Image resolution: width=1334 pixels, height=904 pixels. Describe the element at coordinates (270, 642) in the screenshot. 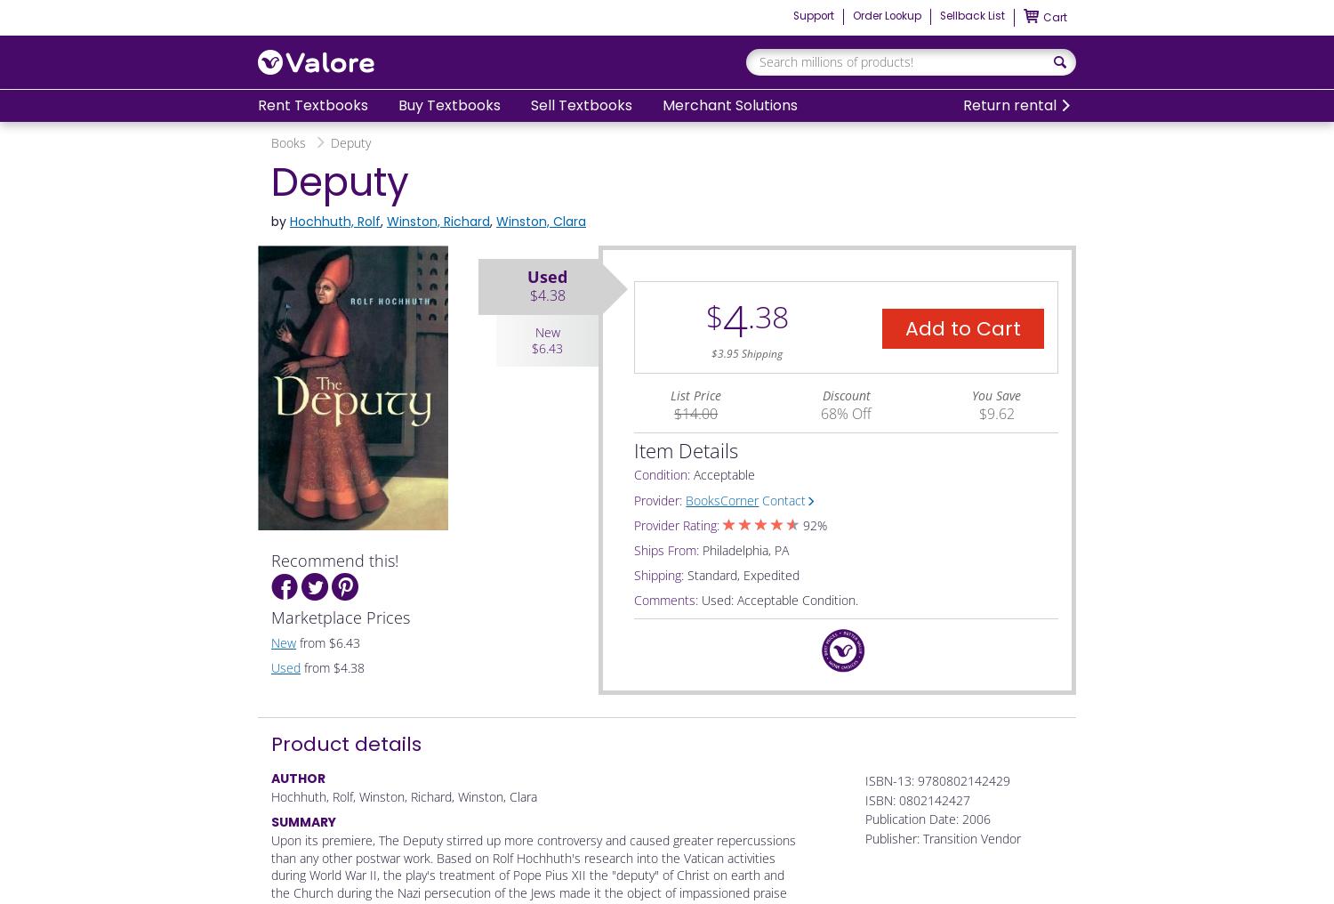

I see `'New'` at that location.